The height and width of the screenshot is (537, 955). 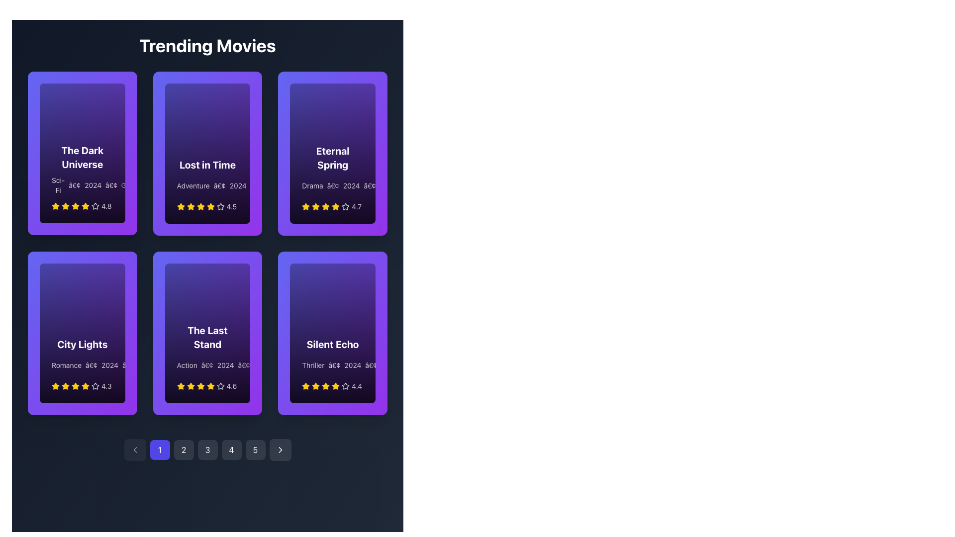 What do you see at coordinates (326, 206) in the screenshot?
I see `the visual state of the fourth star icon in the rating system for the movie 'Eternal Spring', located at the bottom of the movie card` at bounding box center [326, 206].